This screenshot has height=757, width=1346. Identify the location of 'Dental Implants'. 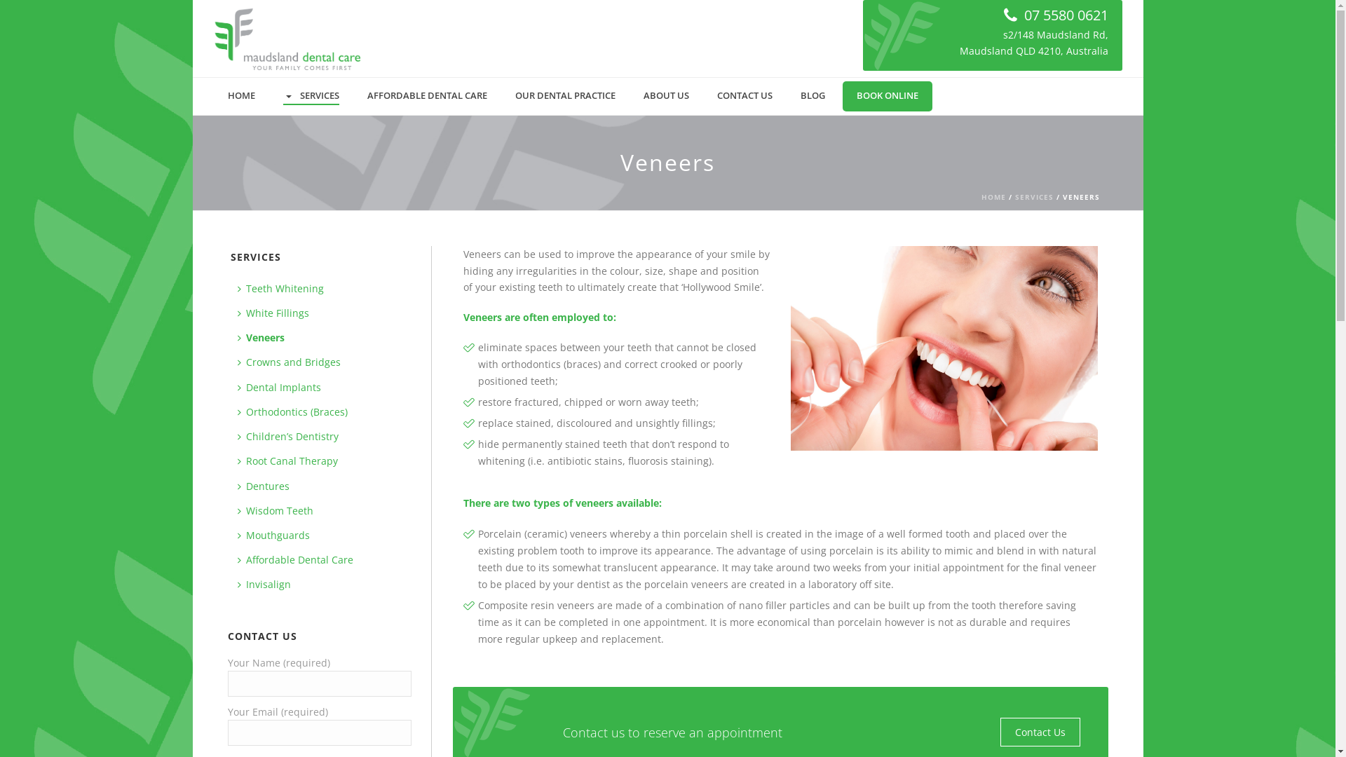
(278, 387).